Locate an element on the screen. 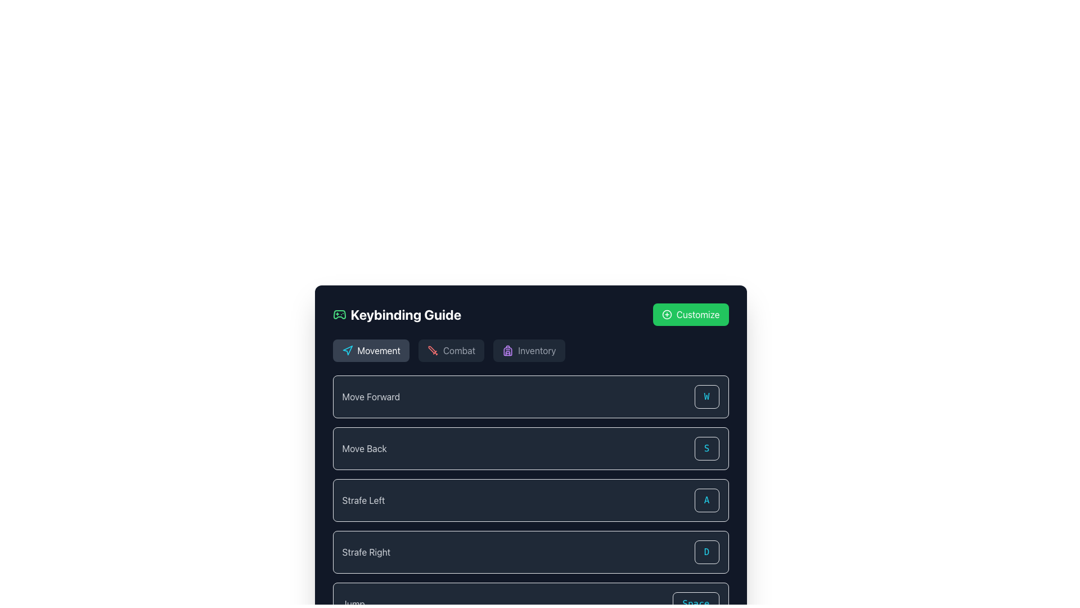 Image resolution: width=1080 pixels, height=608 pixels. the rounded rectangle-shaped button displaying the letter 'A' with a cyan border, located in the 'Strafe Left' section of the keybinding guide is located at coordinates (706, 499).